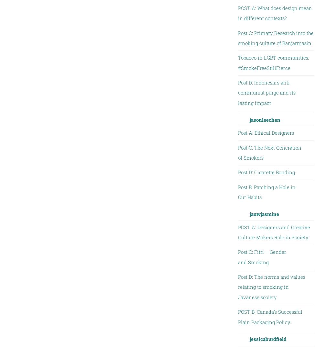 This screenshot has height=349, width=323. What do you see at coordinates (265, 132) in the screenshot?
I see `'Post A: Ethical Designers'` at bounding box center [265, 132].